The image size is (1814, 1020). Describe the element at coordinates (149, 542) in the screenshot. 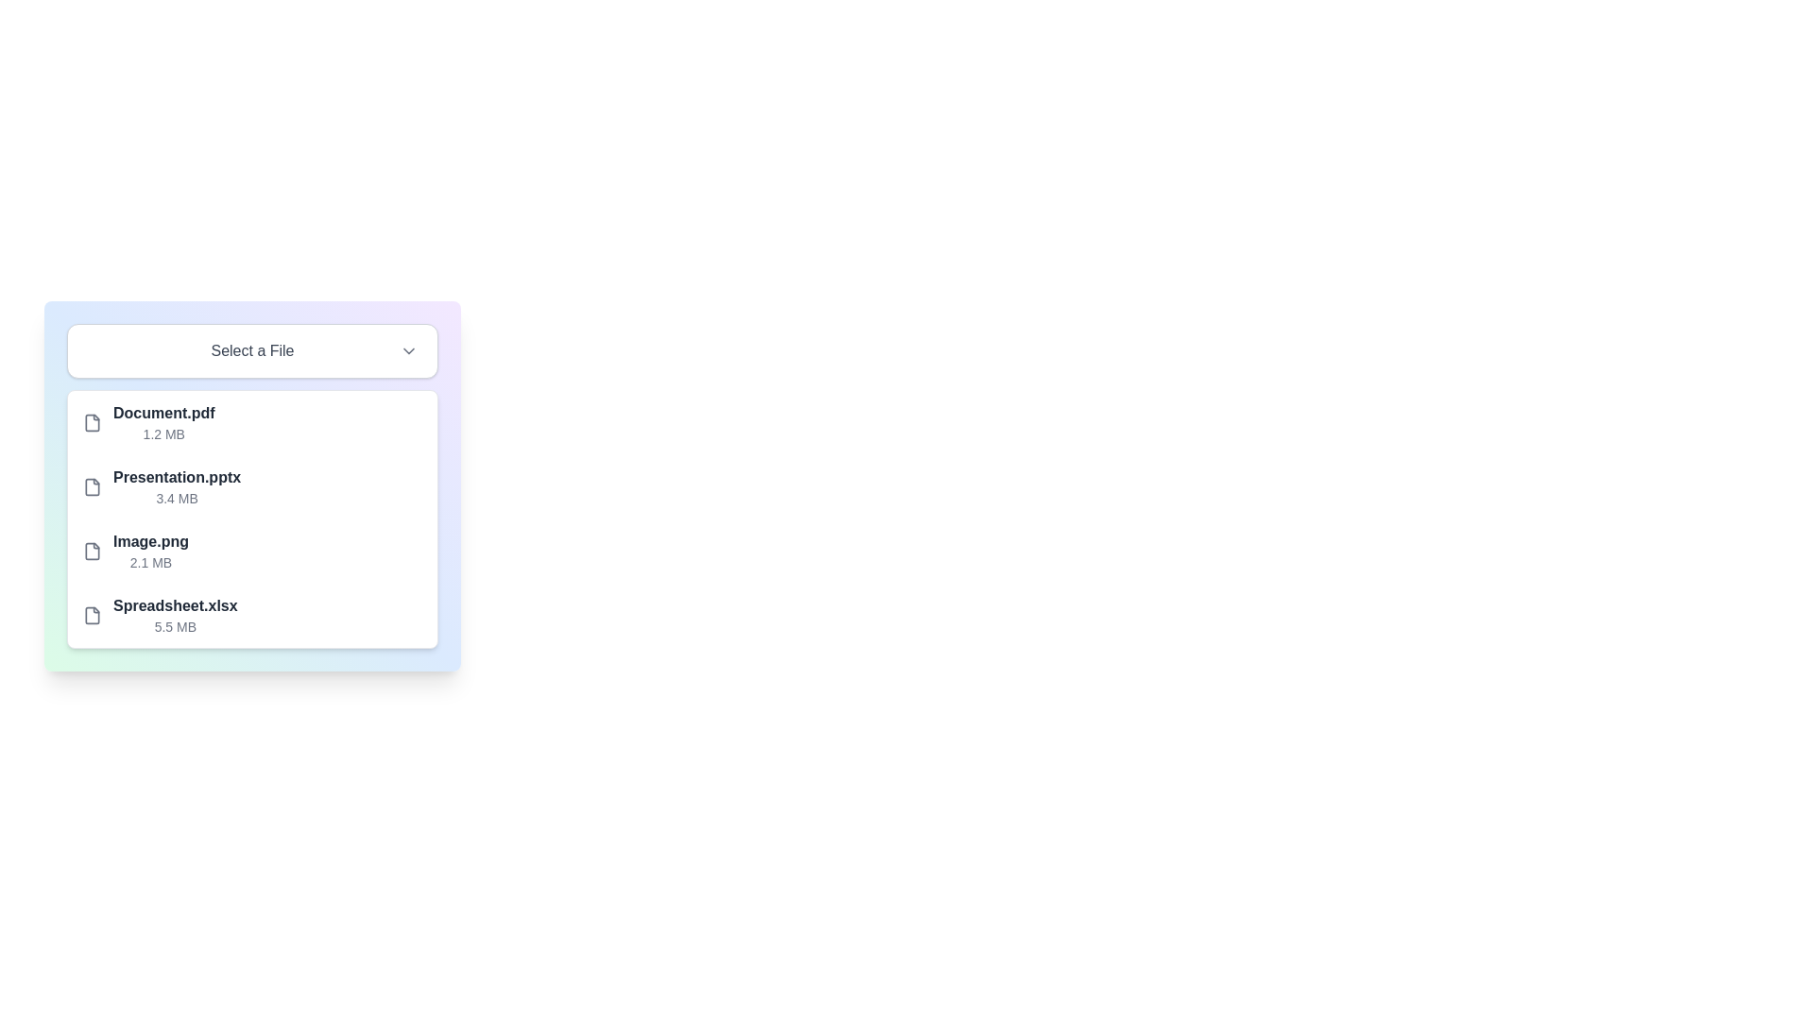

I see `file name displayed in the text label at the top of the third list item in the file selection interface` at that location.